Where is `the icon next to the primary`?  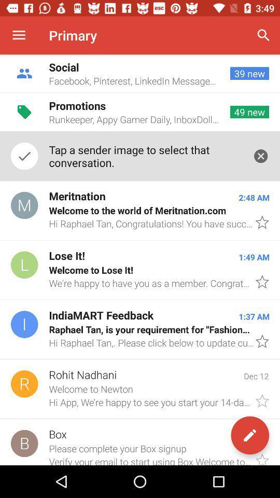 the icon next to the primary is located at coordinates (263, 35).